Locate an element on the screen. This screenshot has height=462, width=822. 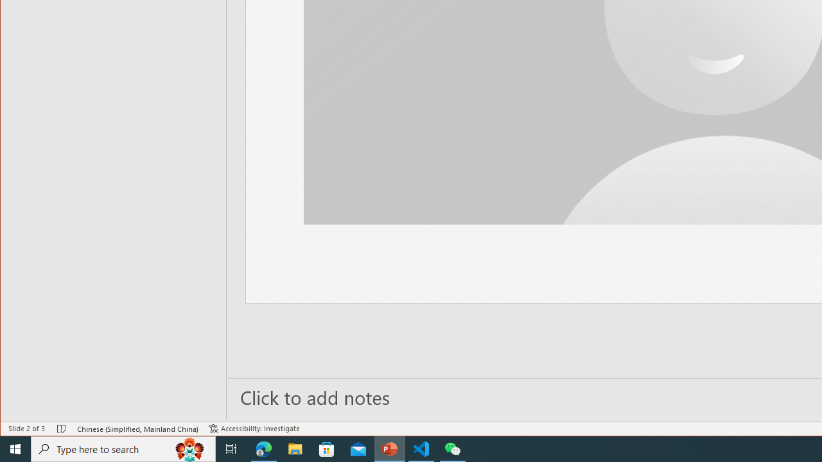
'Task View' is located at coordinates (231, 448).